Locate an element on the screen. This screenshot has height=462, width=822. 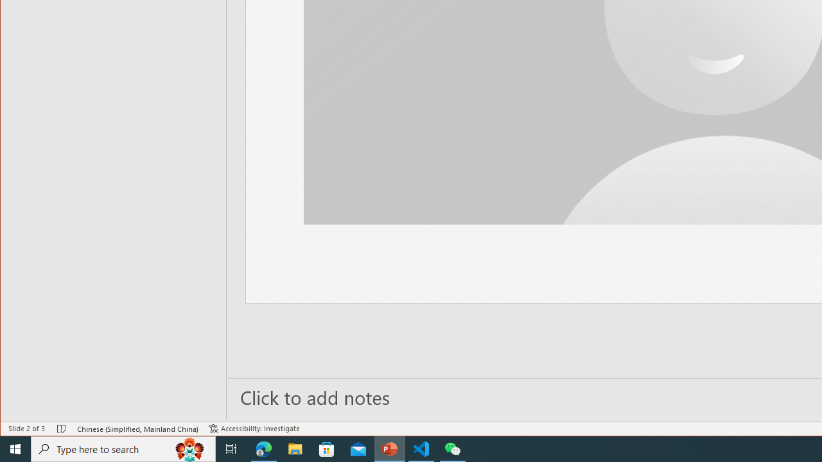
'Task View' is located at coordinates (231, 448).